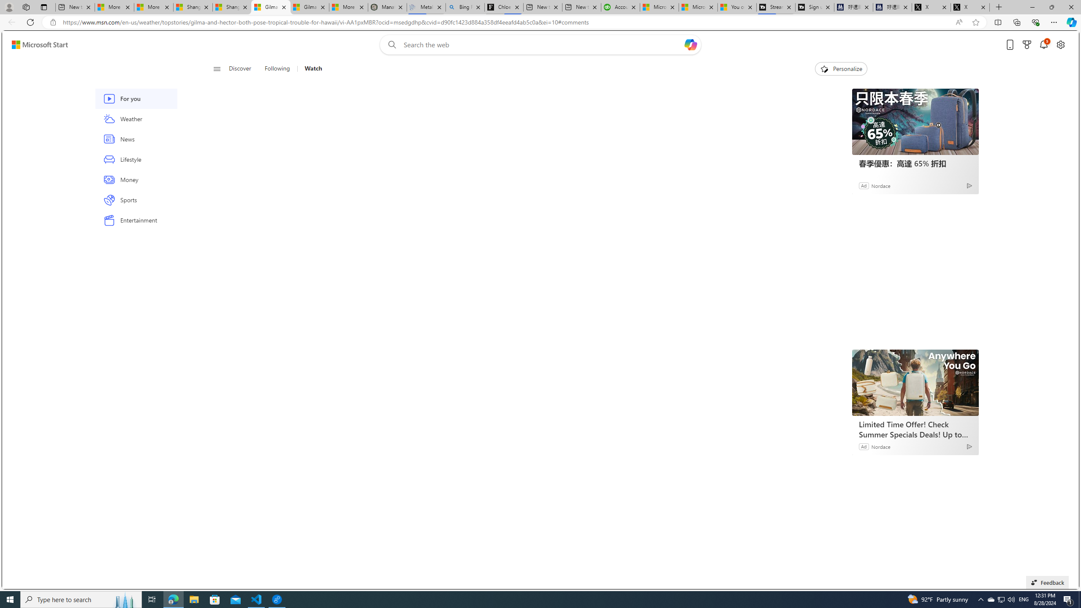 This screenshot has width=1081, height=608. I want to click on 'Bing Real Estate - Home sales and rental listings', so click(465, 7).